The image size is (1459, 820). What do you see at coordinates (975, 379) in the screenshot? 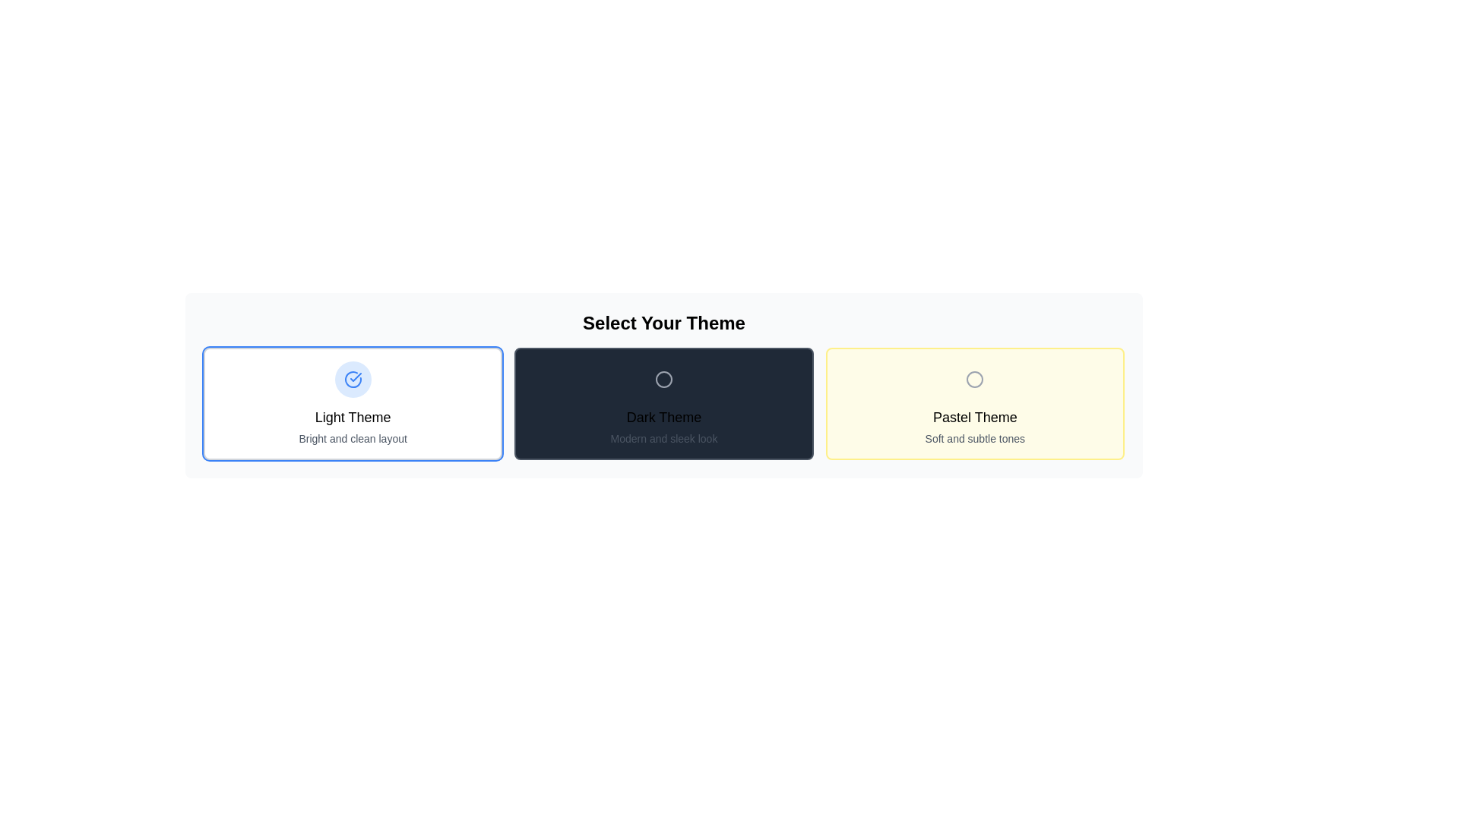
I see `the circular graphical indicator with a gray border and light pastel yellow background, located within the 'Pastel Theme' option card` at bounding box center [975, 379].